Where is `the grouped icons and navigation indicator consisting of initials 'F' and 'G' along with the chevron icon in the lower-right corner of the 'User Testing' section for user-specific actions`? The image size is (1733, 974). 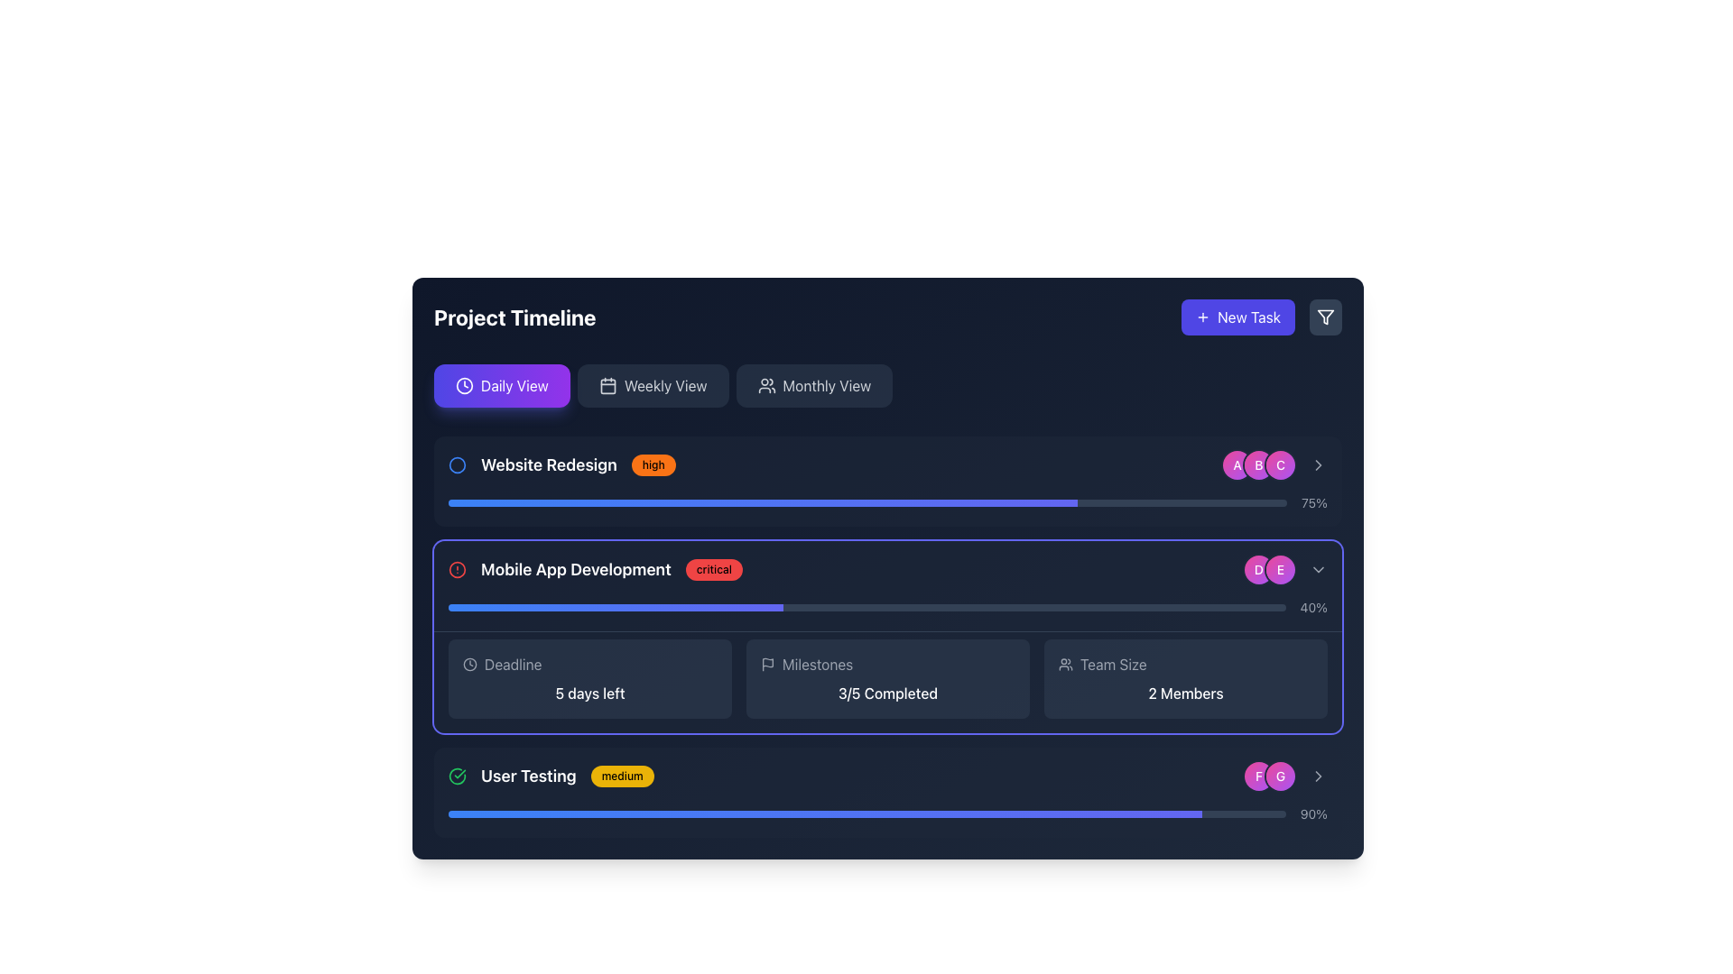 the grouped icons and navigation indicator consisting of initials 'F' and 'G' along with the chevron icon in the lower-right corner of the 'User Testing' section for user-specific actions is located at coordinates (1285, 775).